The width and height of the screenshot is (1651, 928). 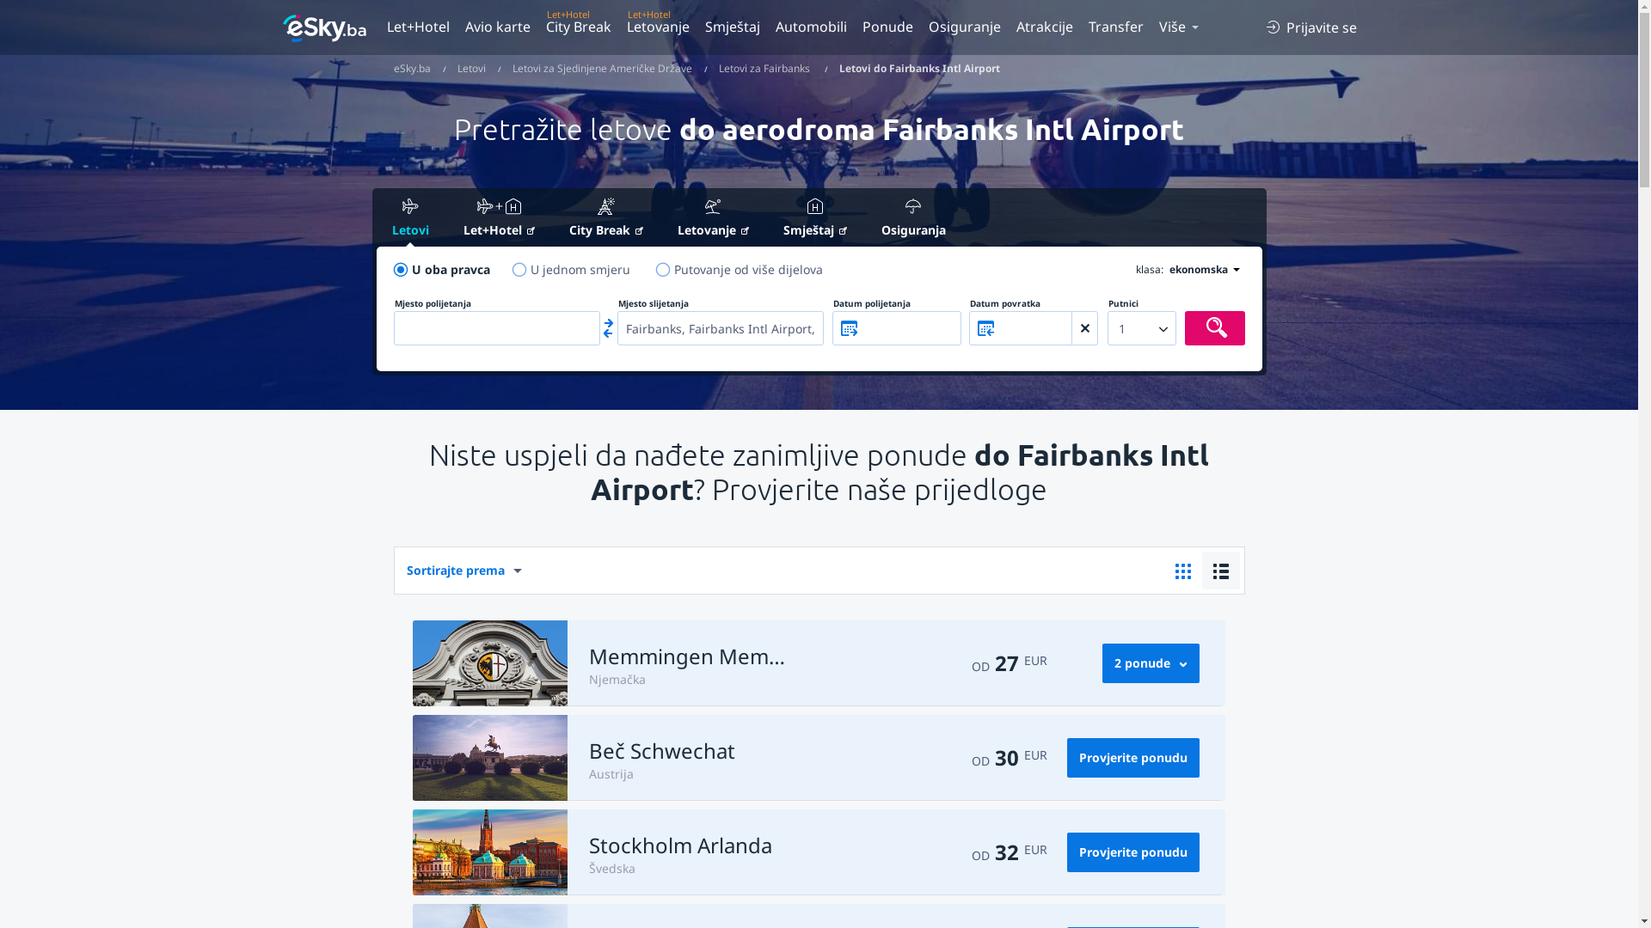 I want to click on 'Letovanje', so click(x=713, y=218).